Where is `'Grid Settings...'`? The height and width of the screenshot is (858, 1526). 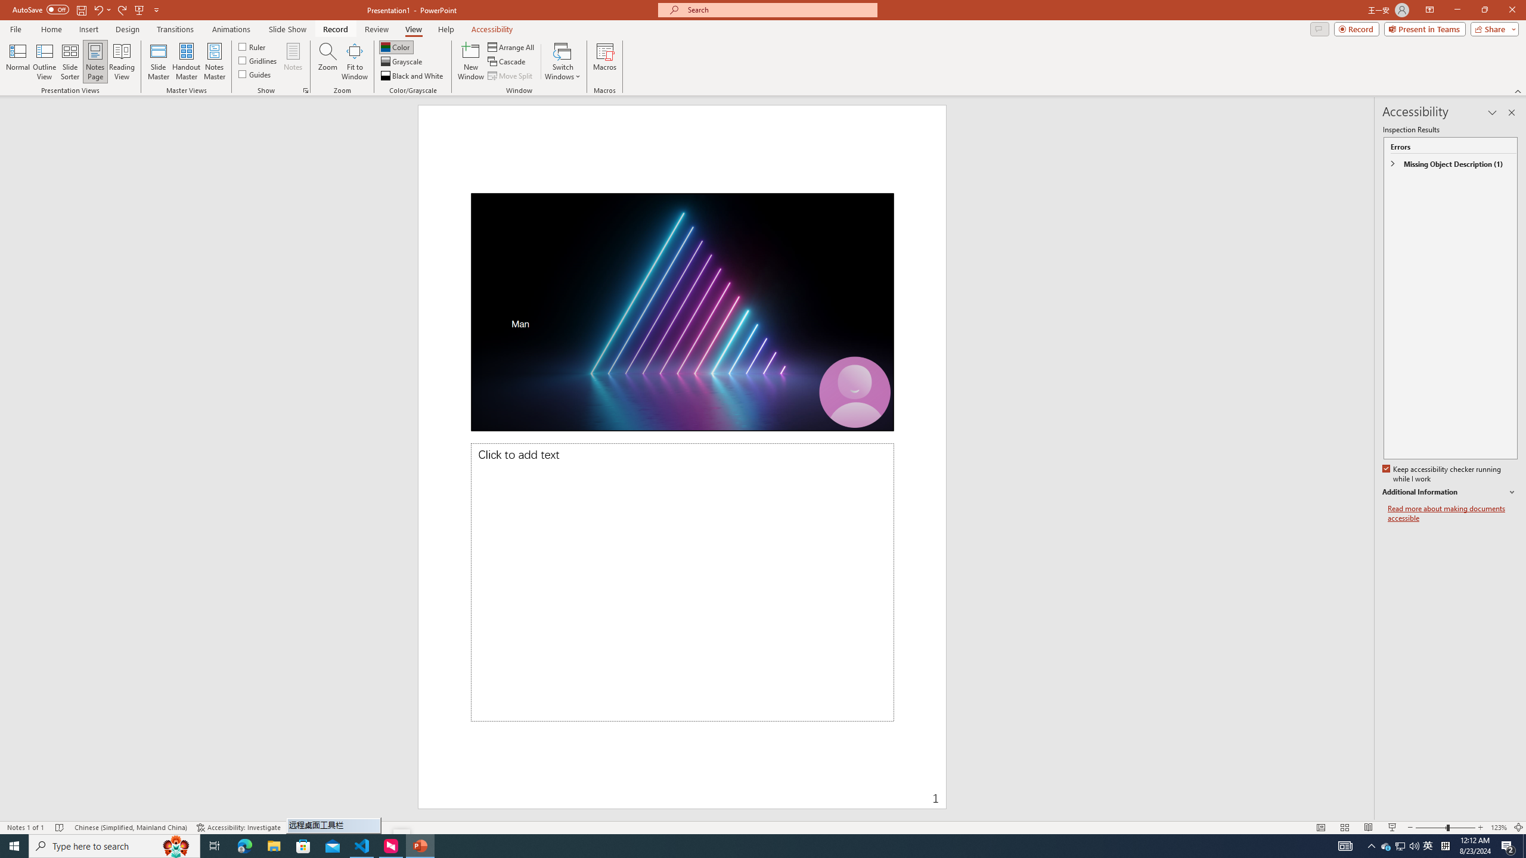 'Grid Settings...' is located at coordinates (306, 89).